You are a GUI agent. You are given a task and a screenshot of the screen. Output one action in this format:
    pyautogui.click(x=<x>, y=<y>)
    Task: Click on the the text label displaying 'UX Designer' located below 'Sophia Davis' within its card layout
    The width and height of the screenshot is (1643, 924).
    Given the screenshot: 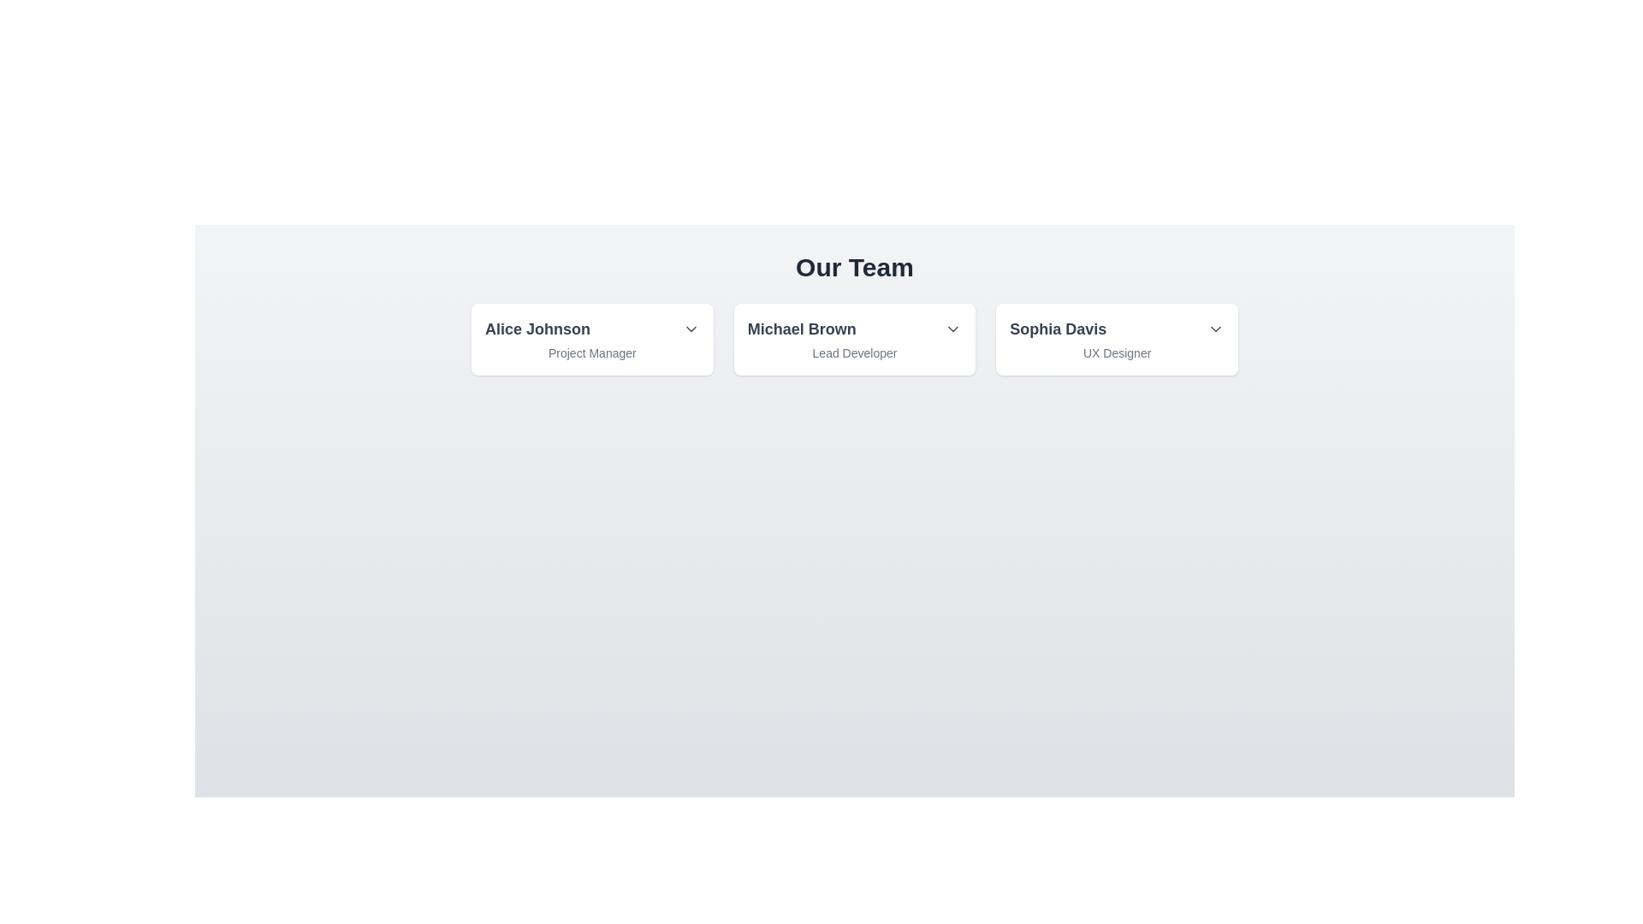 What is the action you would take?
    pyautogui.click(x=1117, y=352)
    